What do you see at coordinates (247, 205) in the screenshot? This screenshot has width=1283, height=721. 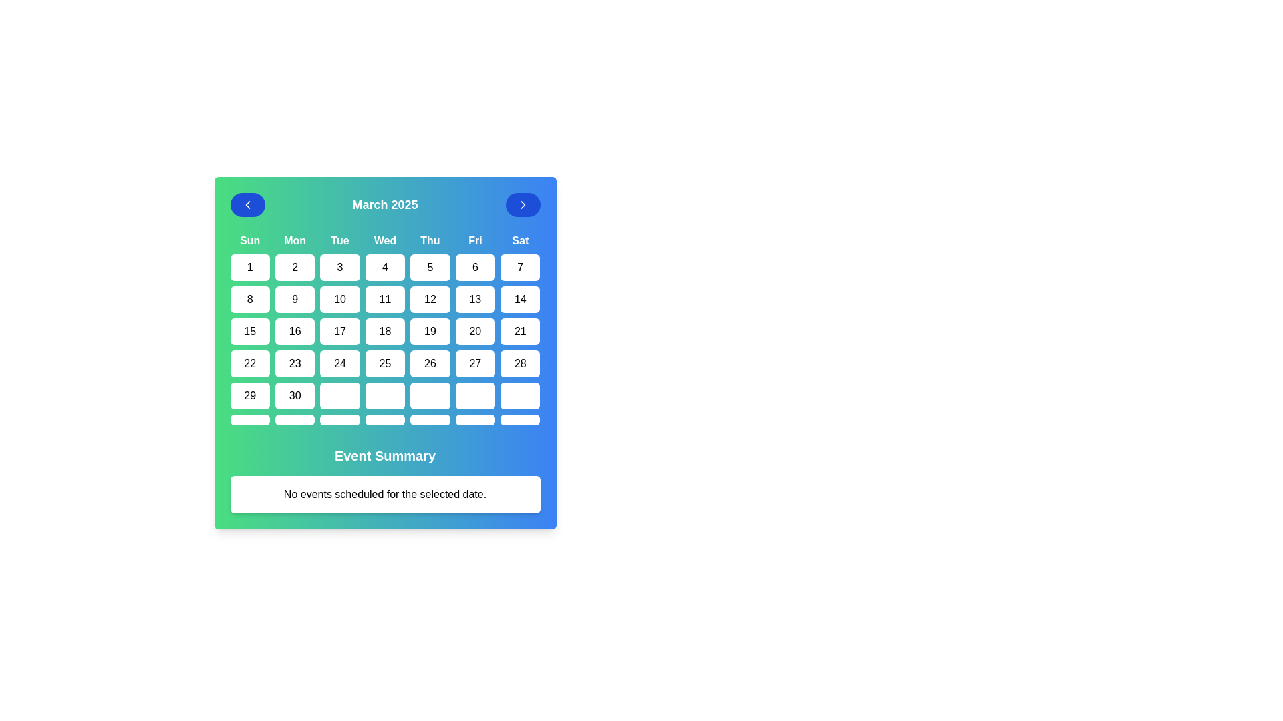 I see `the circular button with a left-pointing chevron icon in white color on a blue background` at bounding box center [247, 205].